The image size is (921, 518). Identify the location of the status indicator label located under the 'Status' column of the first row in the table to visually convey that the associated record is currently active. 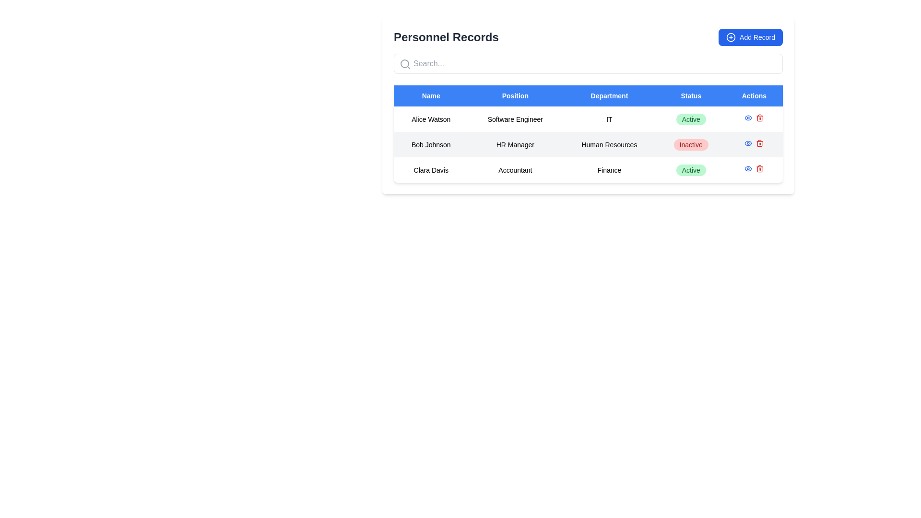
(691, 118).